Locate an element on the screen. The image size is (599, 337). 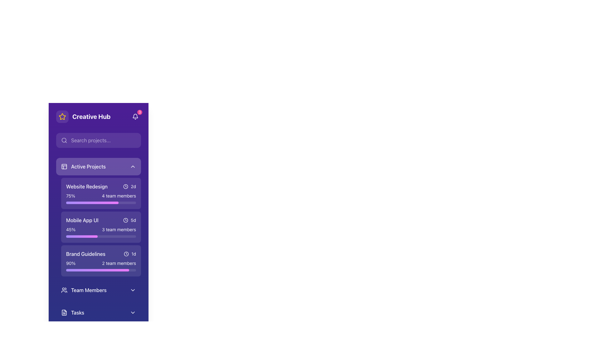
the time indicator icon located to the right of the 'Website Redesign' label and before the '2d' text display is located at coordinates (125, 186).